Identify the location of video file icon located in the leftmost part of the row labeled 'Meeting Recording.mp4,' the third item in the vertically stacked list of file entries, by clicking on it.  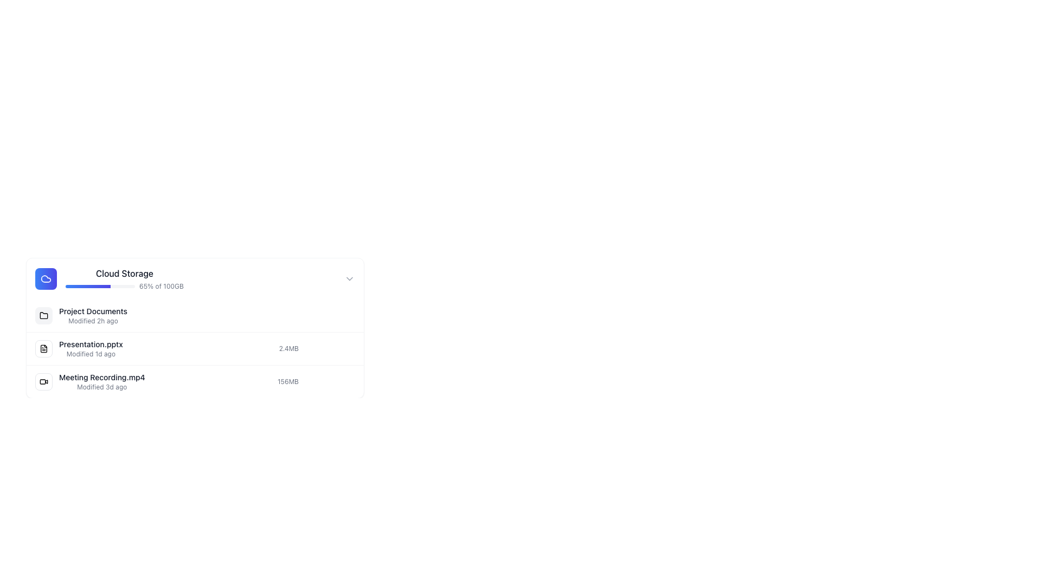
(43, 381).